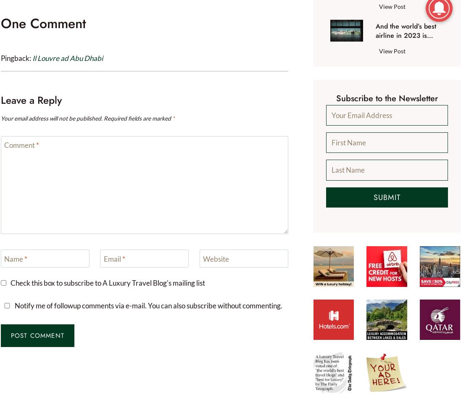 This screenshot has height=405, width=461. Describe the element at coordinates (67, 58) in the screenshot. I see `'Il Louvre ad Abu Dhabi'` at that location.